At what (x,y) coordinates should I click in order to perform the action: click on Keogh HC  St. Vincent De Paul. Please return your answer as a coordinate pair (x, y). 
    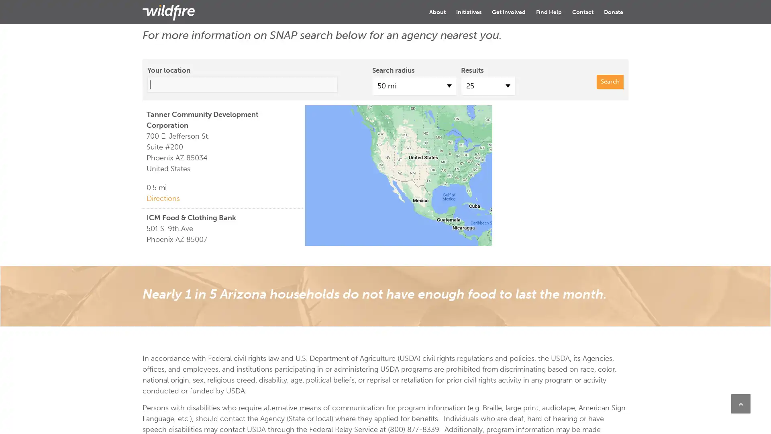
    Looking at the image, I should click on (461, 178).